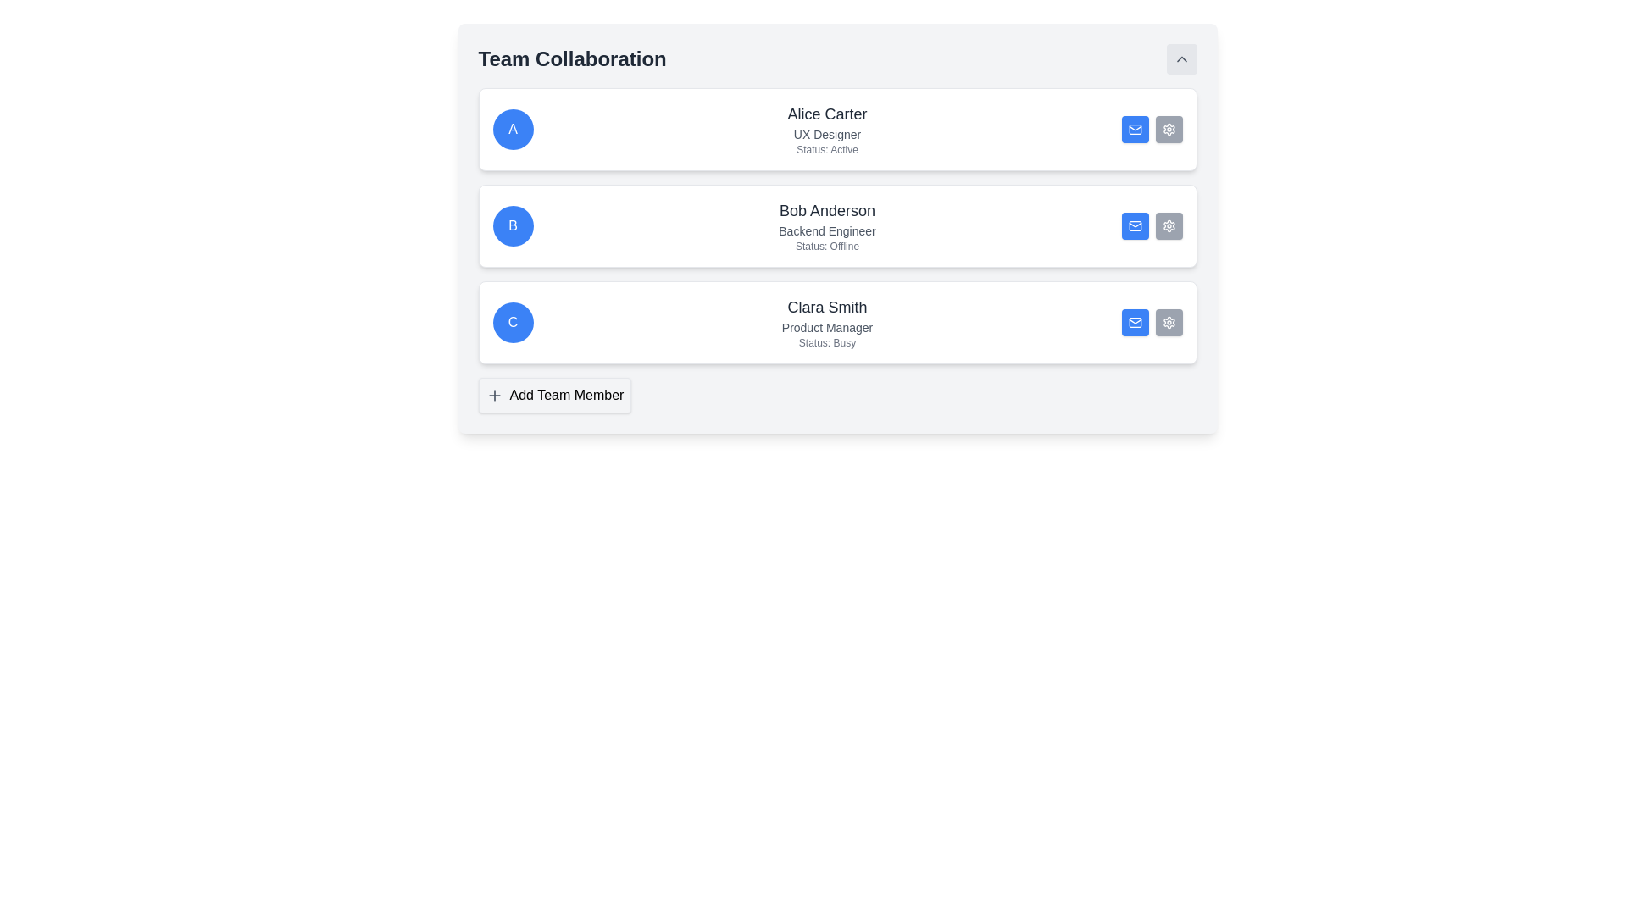 This screenshot has width=1627, height=915. What do you see at coordinates (827, 246) in the screenshot?
I see `the text label displaying the online status of Bob Anderson, which indicates that he is offline` at bounding box center [827, 246].